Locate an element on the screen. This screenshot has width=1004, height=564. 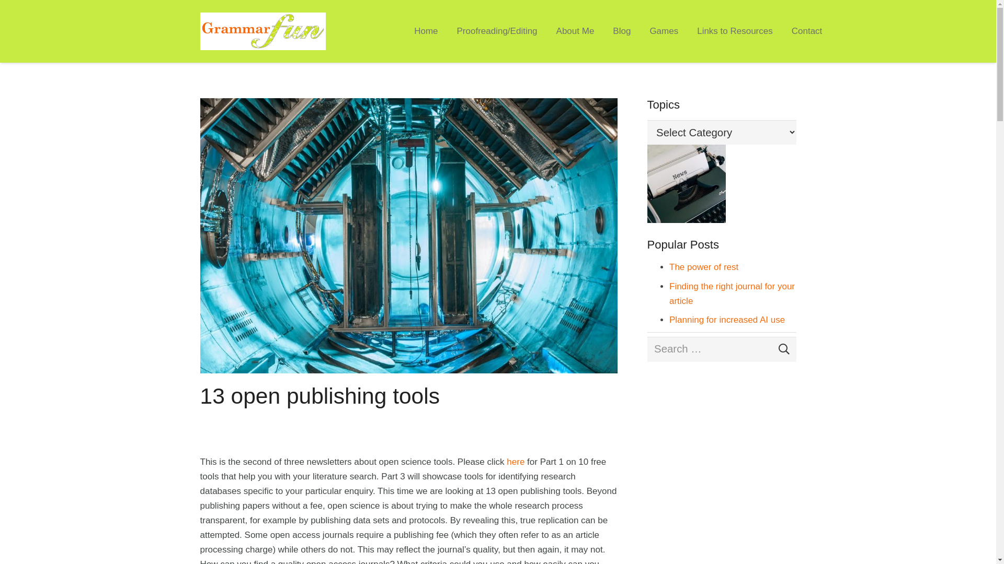
'here' is located at coordinates (515, 461).